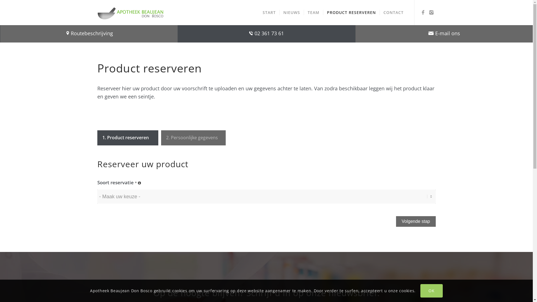 The width and height of the screenshot is (537, 302). I want to click on 'START', so click(259, 13).